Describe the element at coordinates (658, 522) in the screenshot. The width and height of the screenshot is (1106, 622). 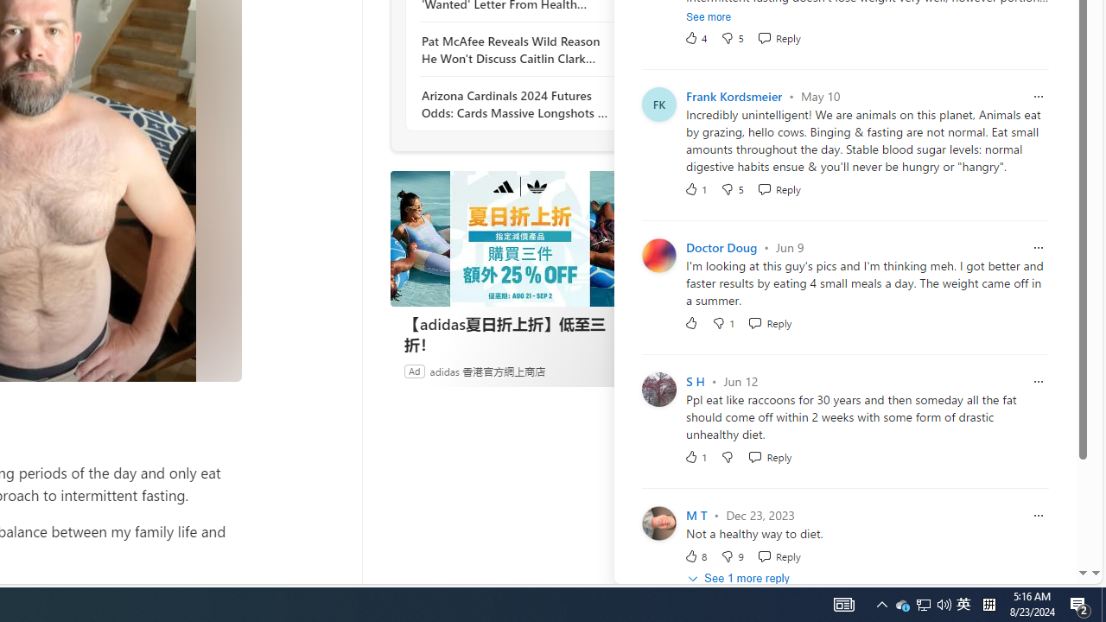
I see `'Profile Picture'` at that location.